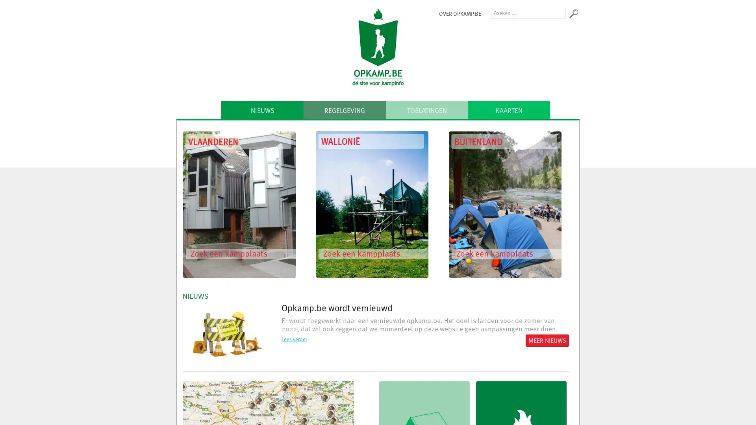 This screenshot has height=425, width=756. Describe the element at coordinates (491, 19) in the screenshot. I see `Zoeken` at that location.